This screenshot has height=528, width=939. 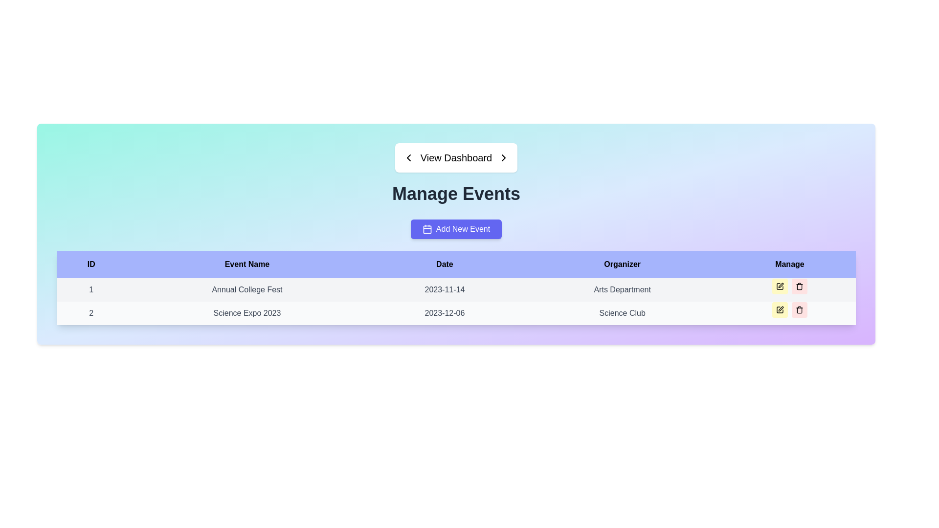 What do you see at coordinates (779, 286) in the screenshot?
I see `the 'Edit' icon button located in the 'Manage' column of the table under the row for the event 'Annual College Fest' to modify the details of this row` at bounding box center [779, 286].